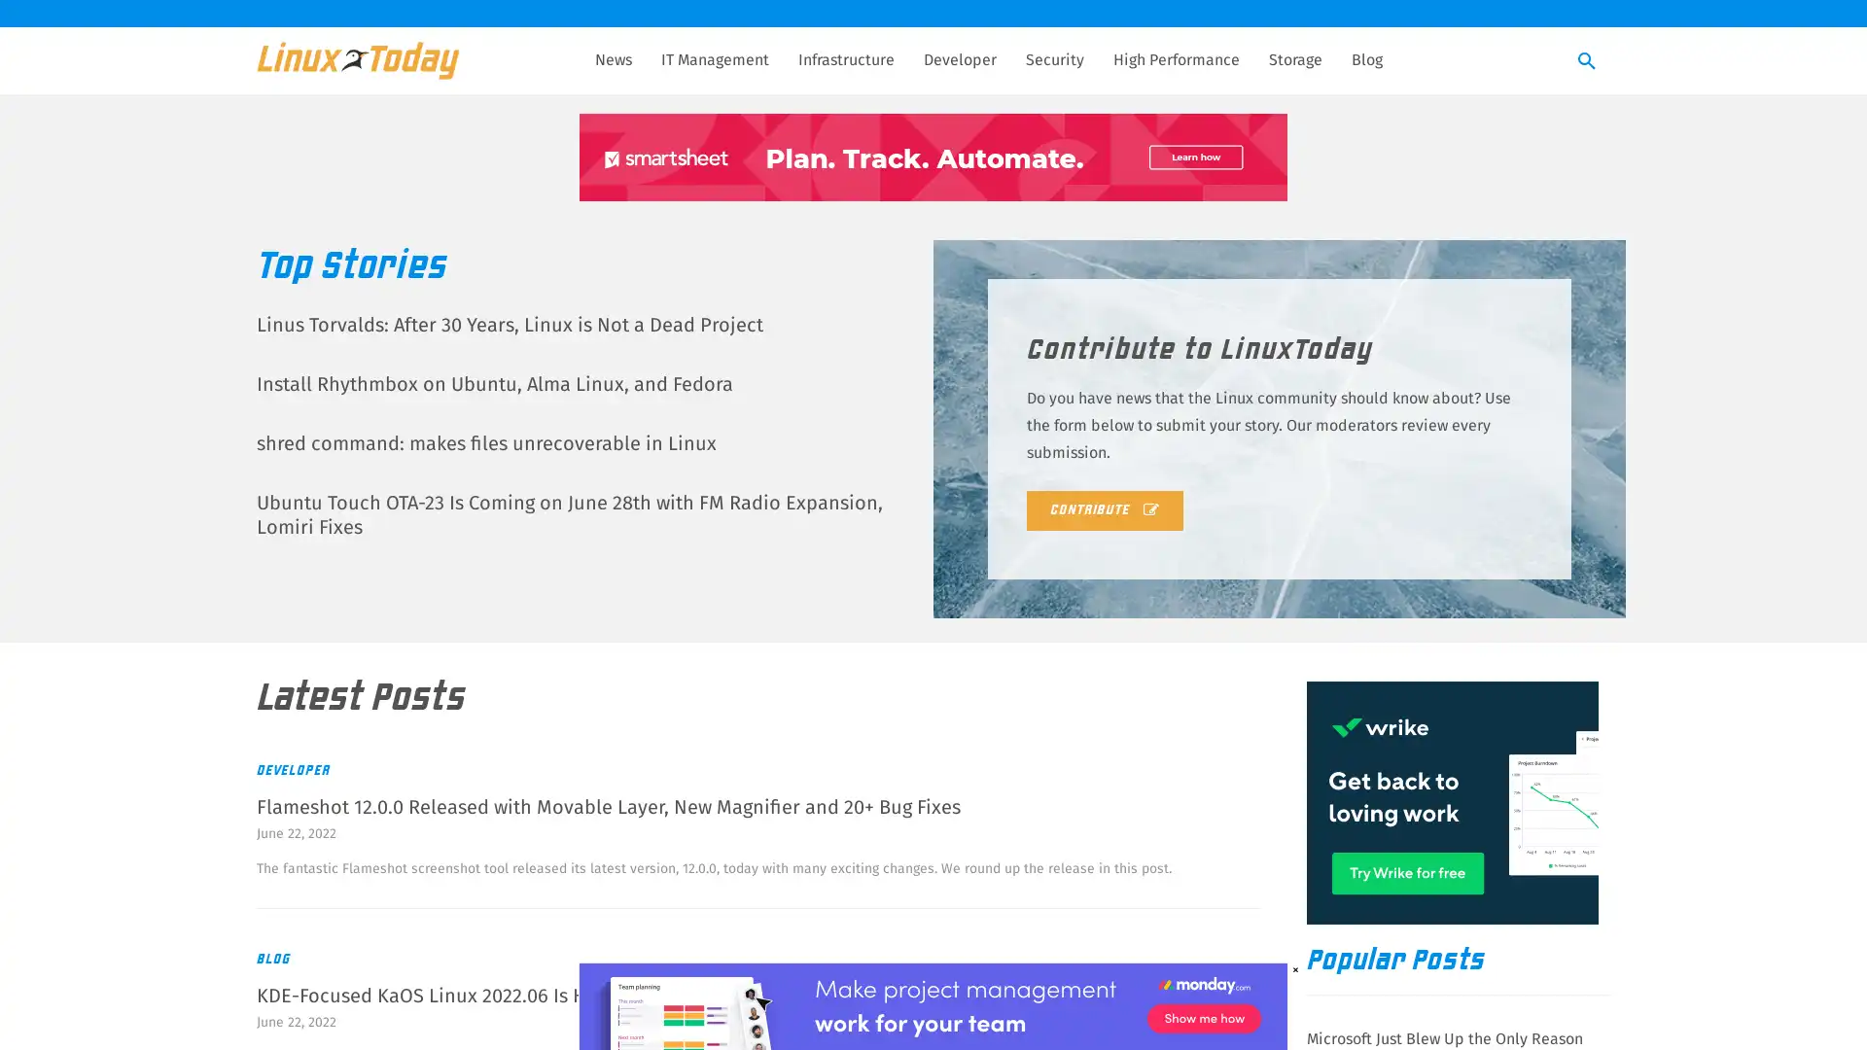  What do you see at coordinates (1587, 61) in the screenshot?
I see `Search` at bounding box center [1587, 61].